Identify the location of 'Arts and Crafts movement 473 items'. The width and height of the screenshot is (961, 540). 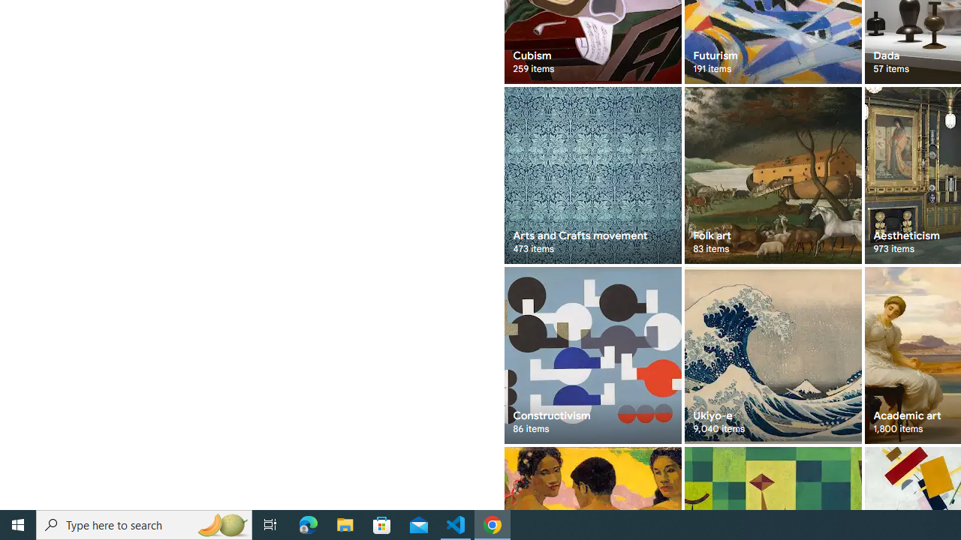
(592, 175).